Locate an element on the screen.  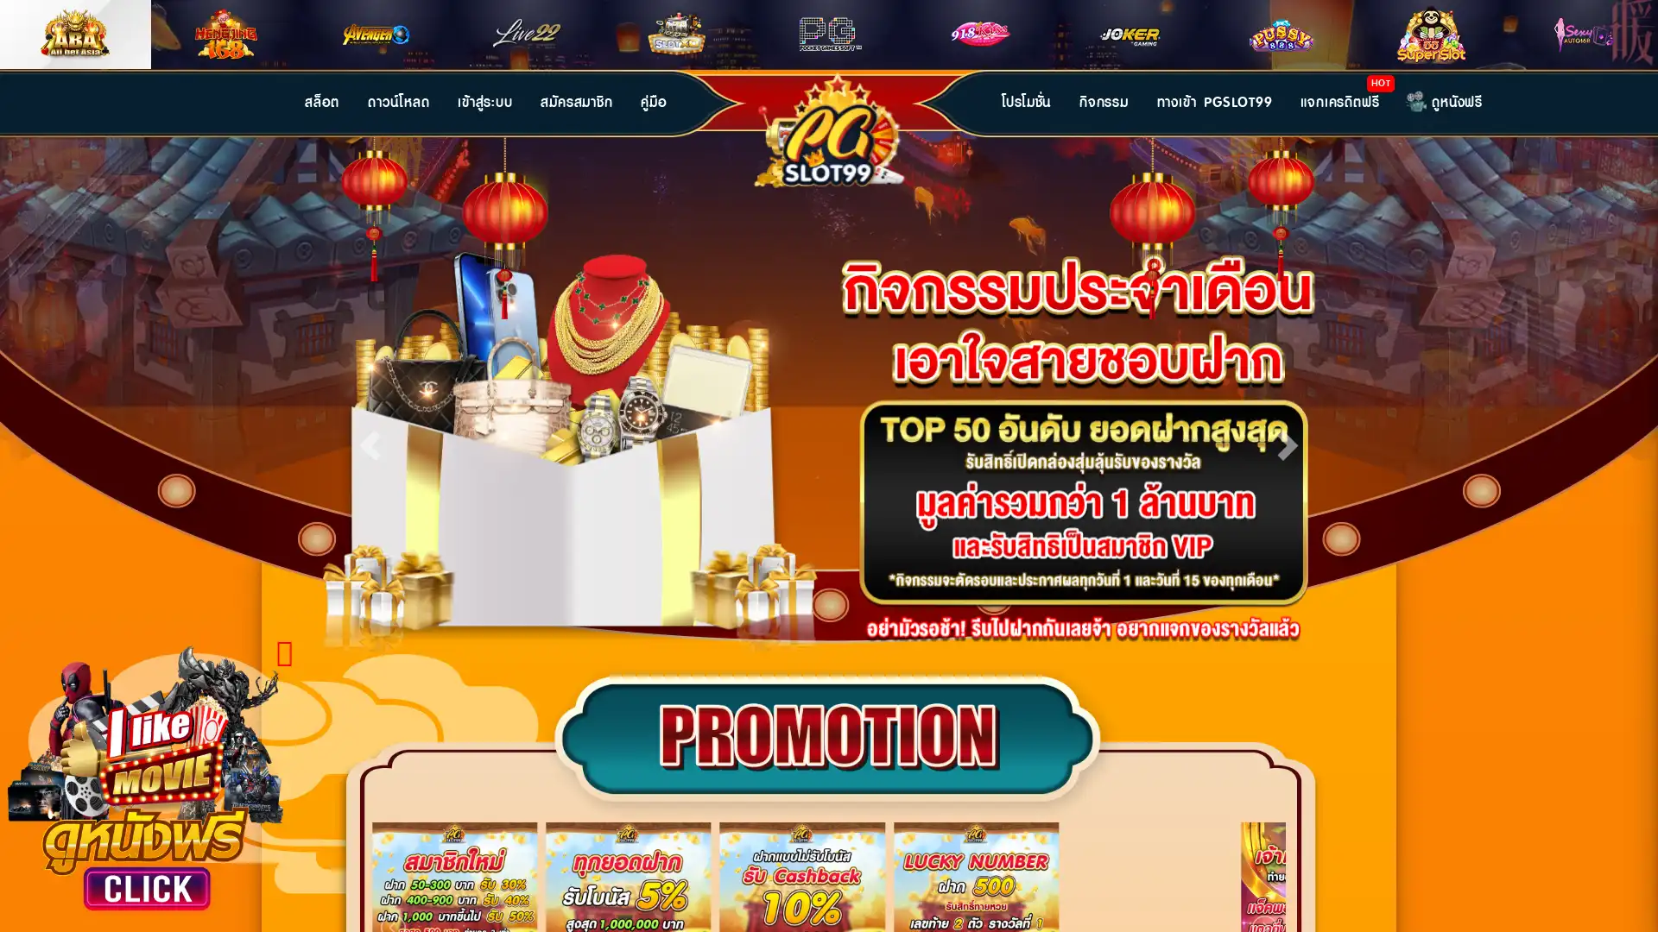
Previous is located at coordinates (369, 441).